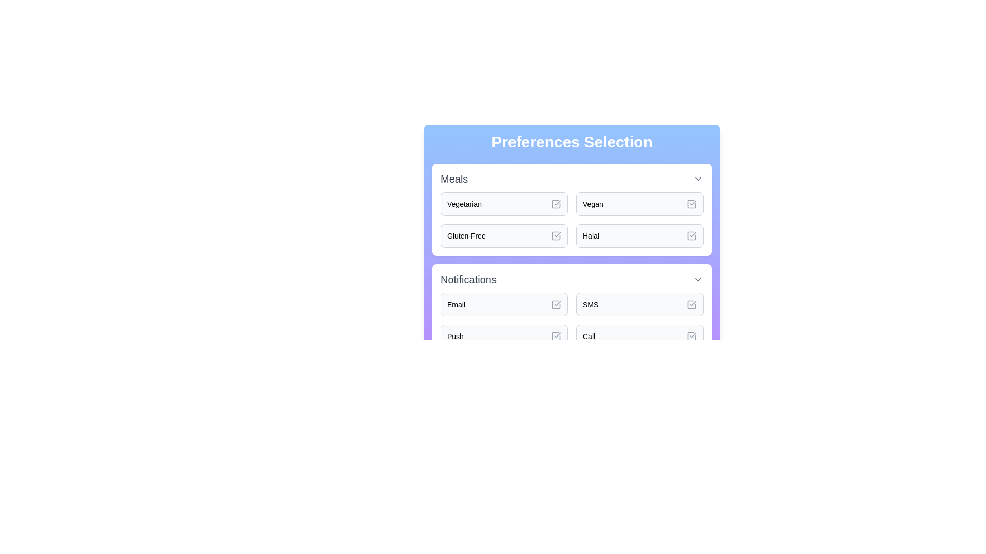  Describe the element at coordinates (455, 336) in the screenshot. I see `the text label that reads 'Push', which is styled with a small font size and is located in the lower-left corner of the 'Notifications' section` at that location.